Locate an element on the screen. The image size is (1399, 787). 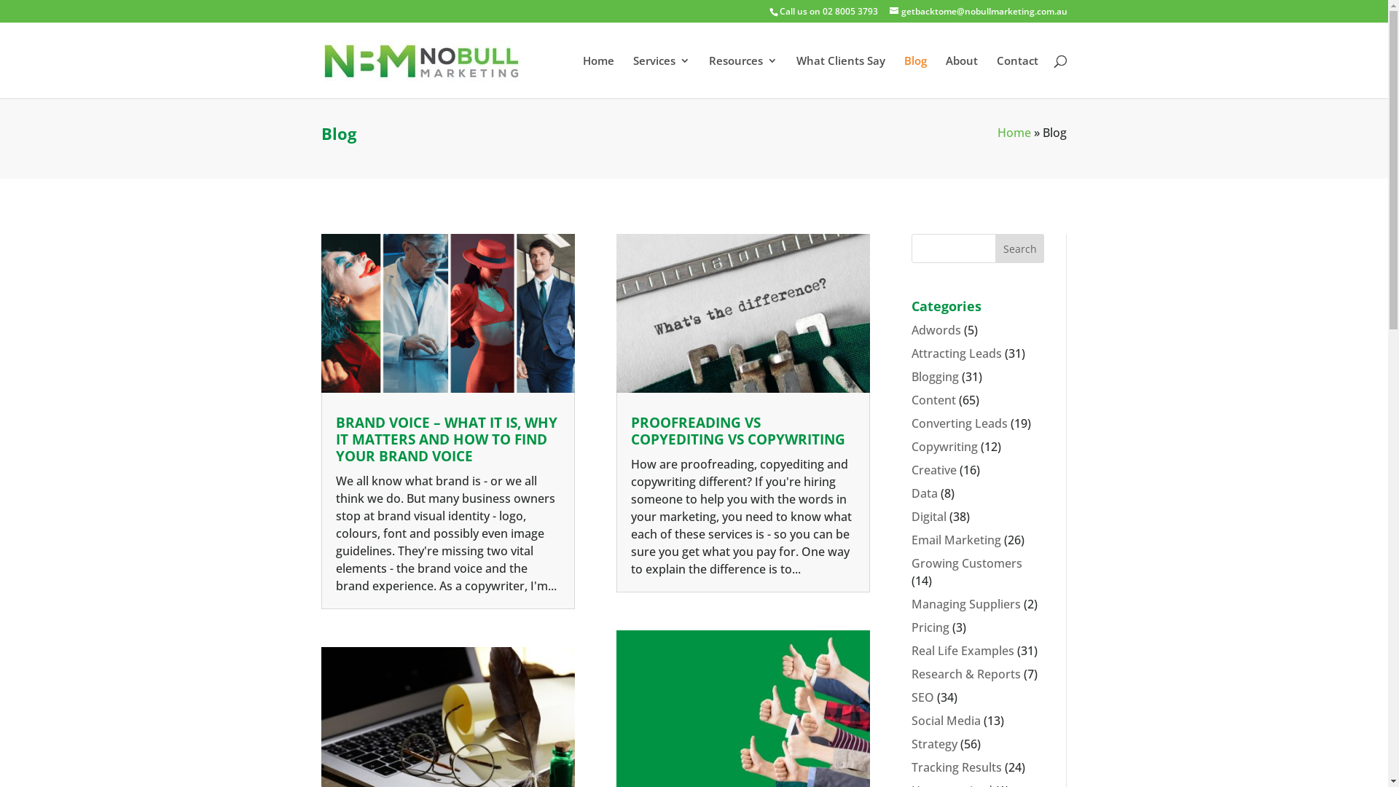
'Research & Reports' is located at coordinates (911, 674).